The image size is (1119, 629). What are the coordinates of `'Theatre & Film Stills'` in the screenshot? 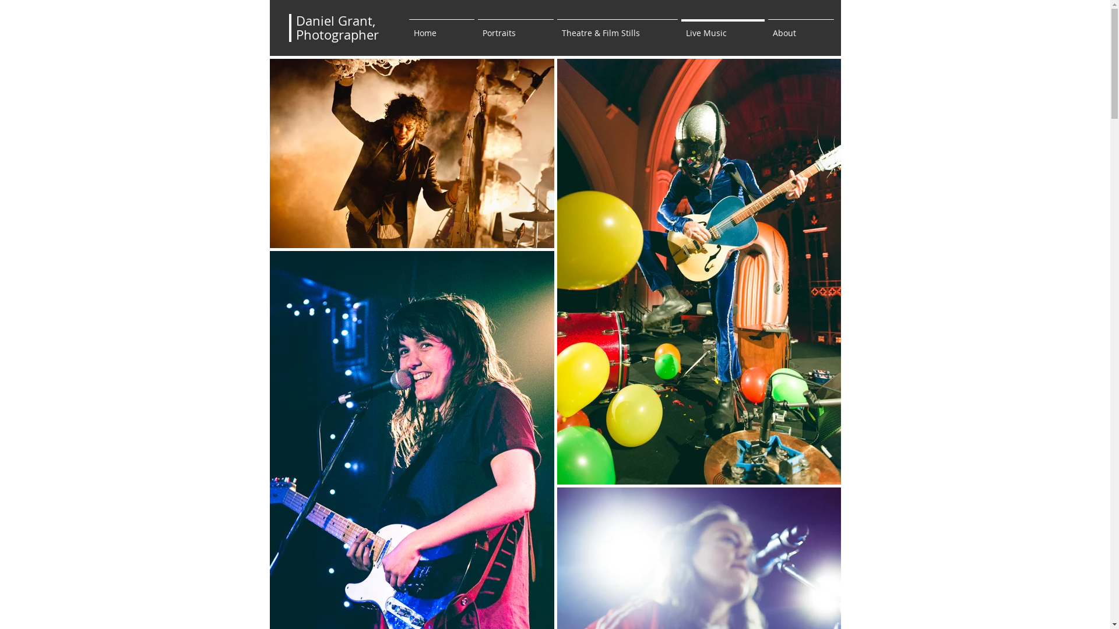 It's located at (554, 27).